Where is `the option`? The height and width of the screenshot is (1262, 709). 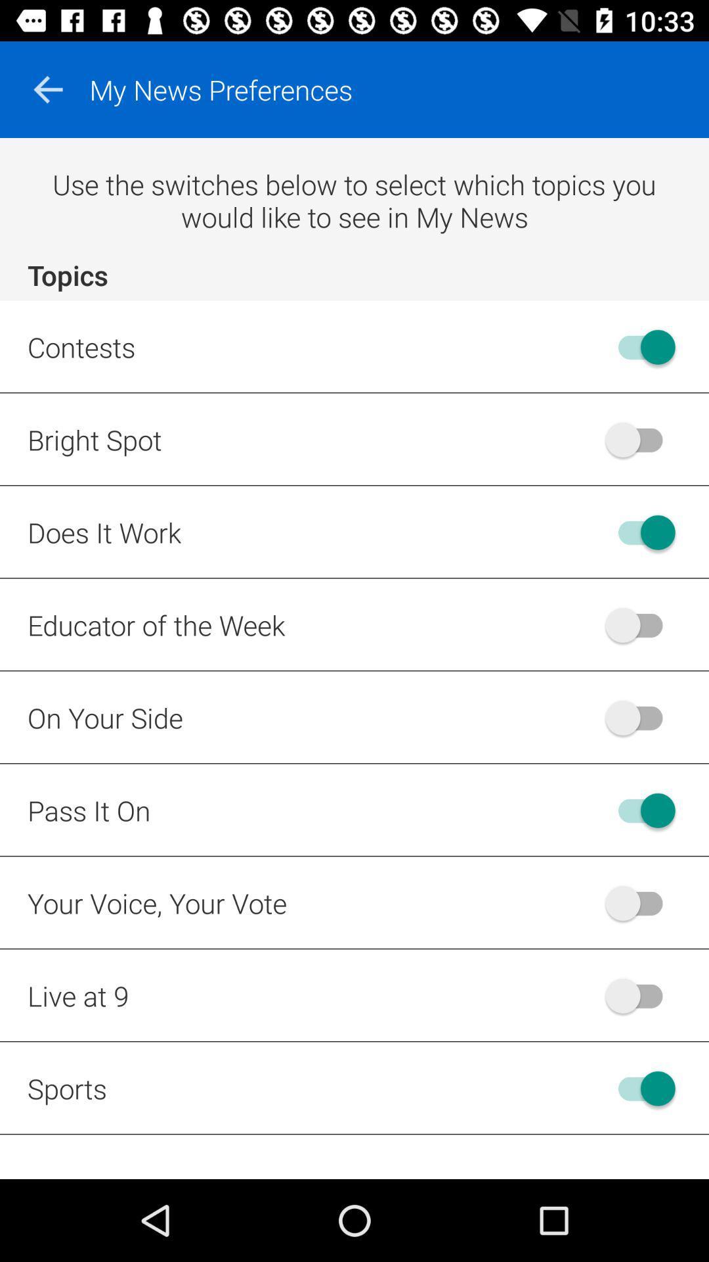
the option is located at coordinates (639, 532).